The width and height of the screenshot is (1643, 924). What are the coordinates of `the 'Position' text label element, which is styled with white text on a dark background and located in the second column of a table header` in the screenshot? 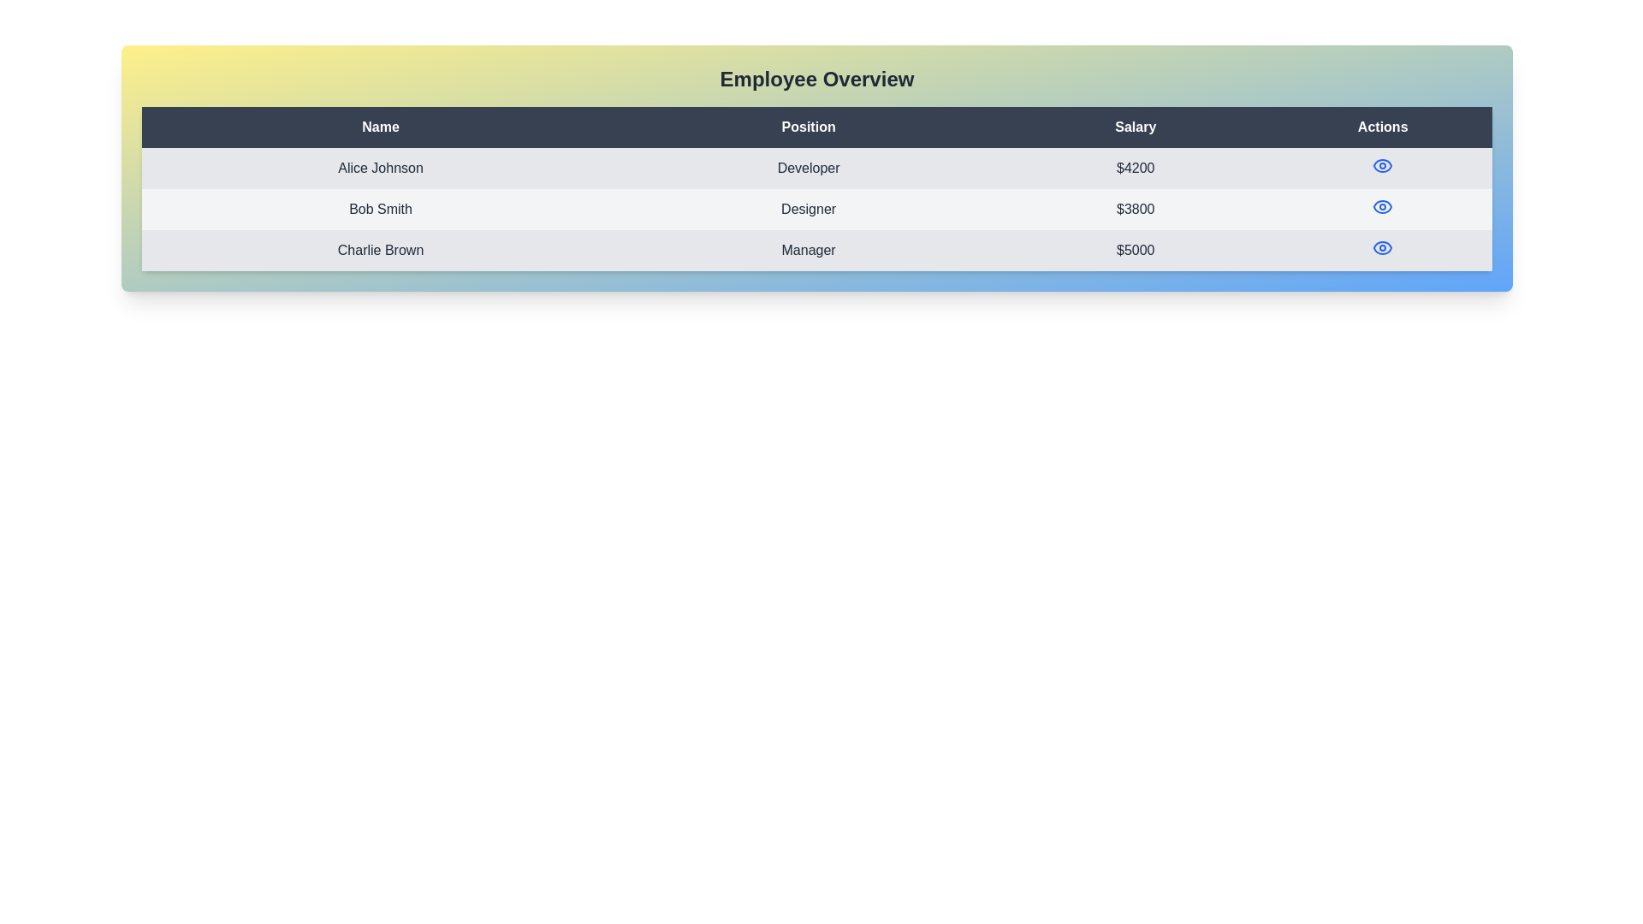 It's located at (808, 127).